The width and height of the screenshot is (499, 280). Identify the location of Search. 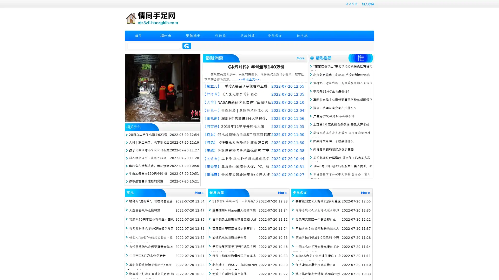
(187, 46).